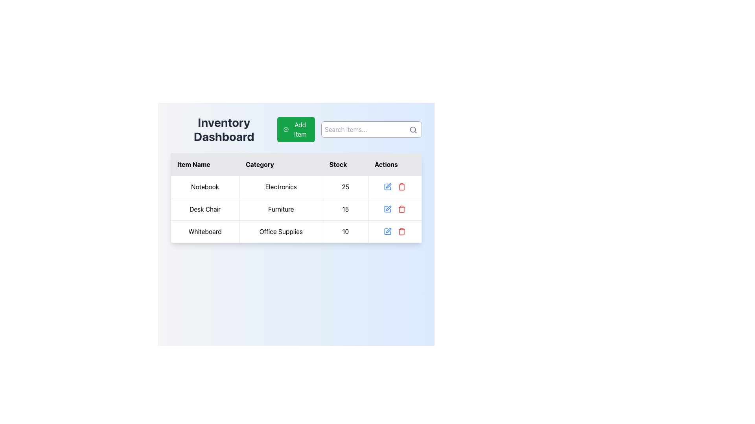 The image size is (755, 424). What do you see at coordinates (389, 230) in the screenshot?
I see `the 'Edit' button in the 'Actions' column of the third row associated with the 'Whiteboard' item` at bounding box center [389, 230].